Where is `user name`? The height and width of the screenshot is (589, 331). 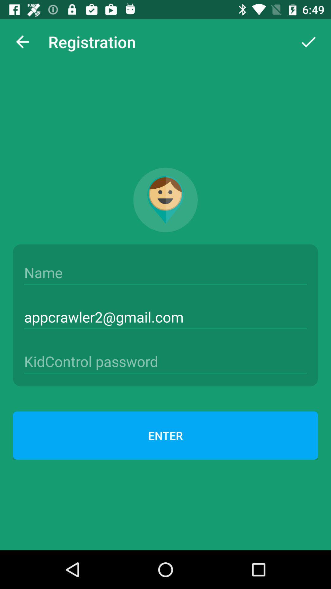
user name is located at coordinates (165, 272).